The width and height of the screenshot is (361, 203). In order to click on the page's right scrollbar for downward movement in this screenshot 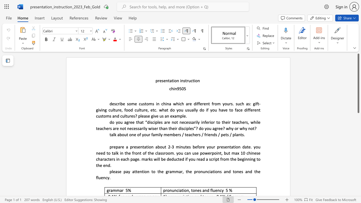, I will do `click(358, 178)`.